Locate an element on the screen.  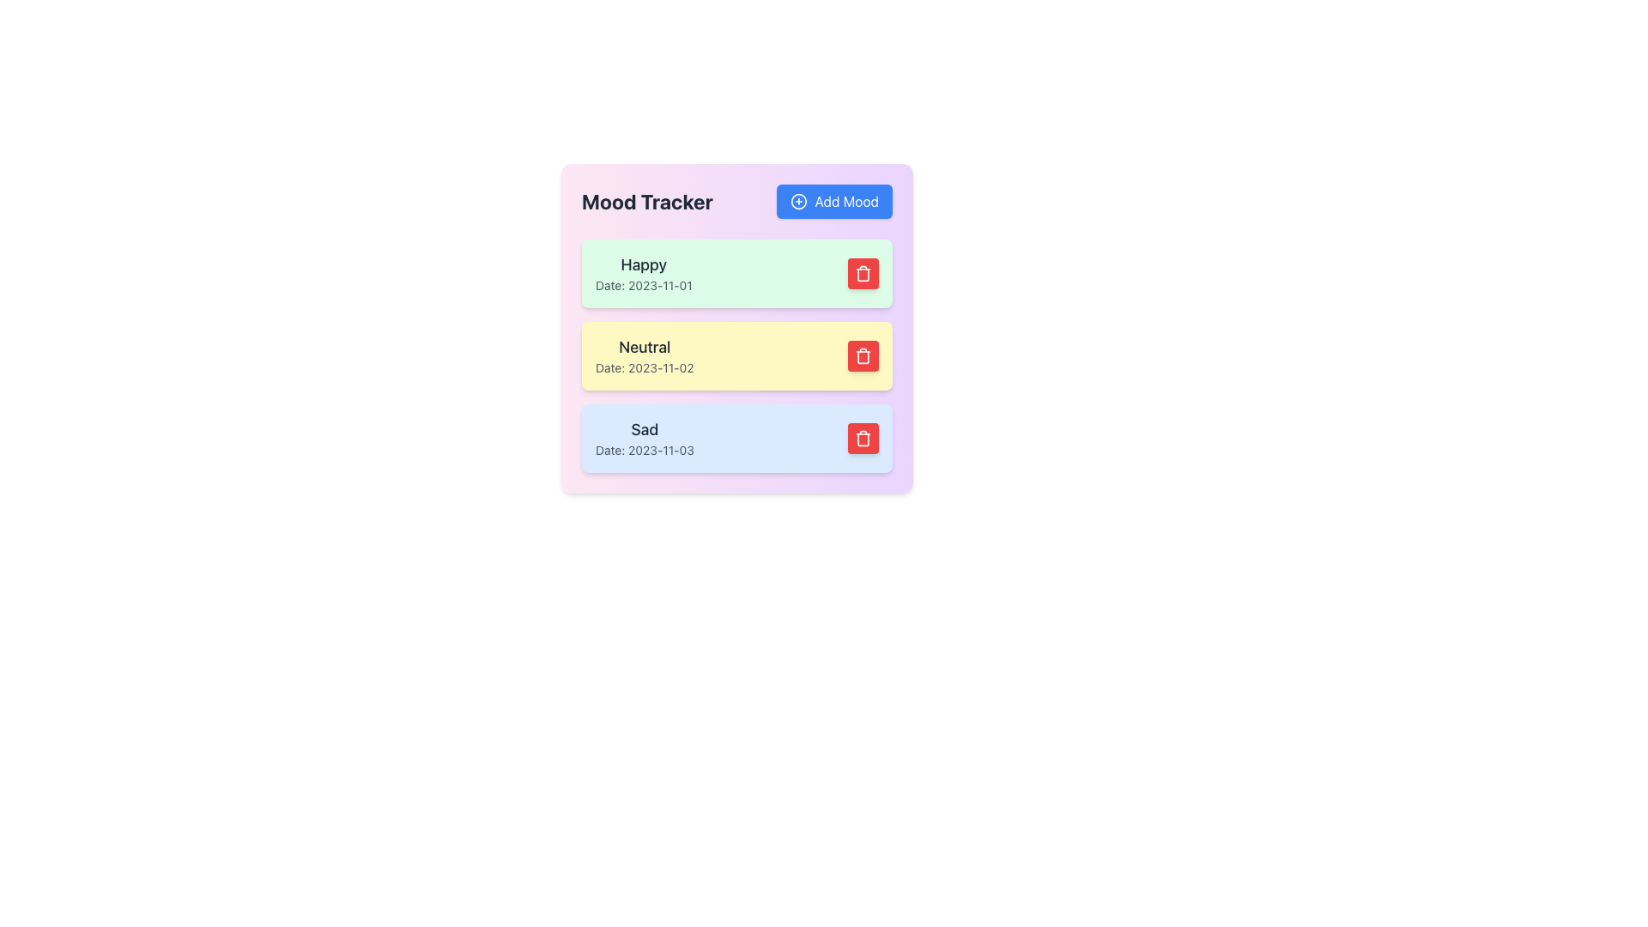
non-interactive text label indicating the mood 'Happy', located above the date entry in the mood tracker interface is located at coordinates (643, 264).